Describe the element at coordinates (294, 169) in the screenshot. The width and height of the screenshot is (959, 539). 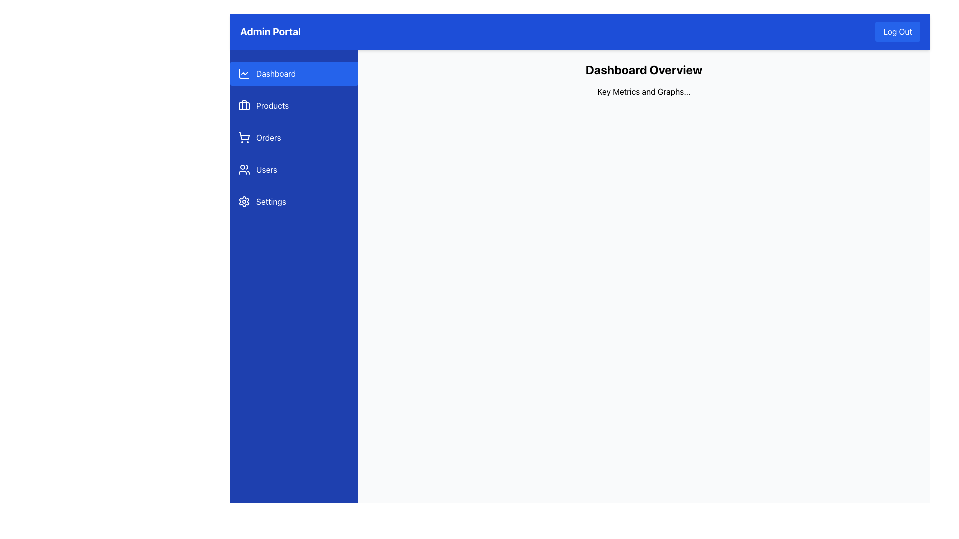
I see `the fourth item in the vertical navigation menu` at that location.